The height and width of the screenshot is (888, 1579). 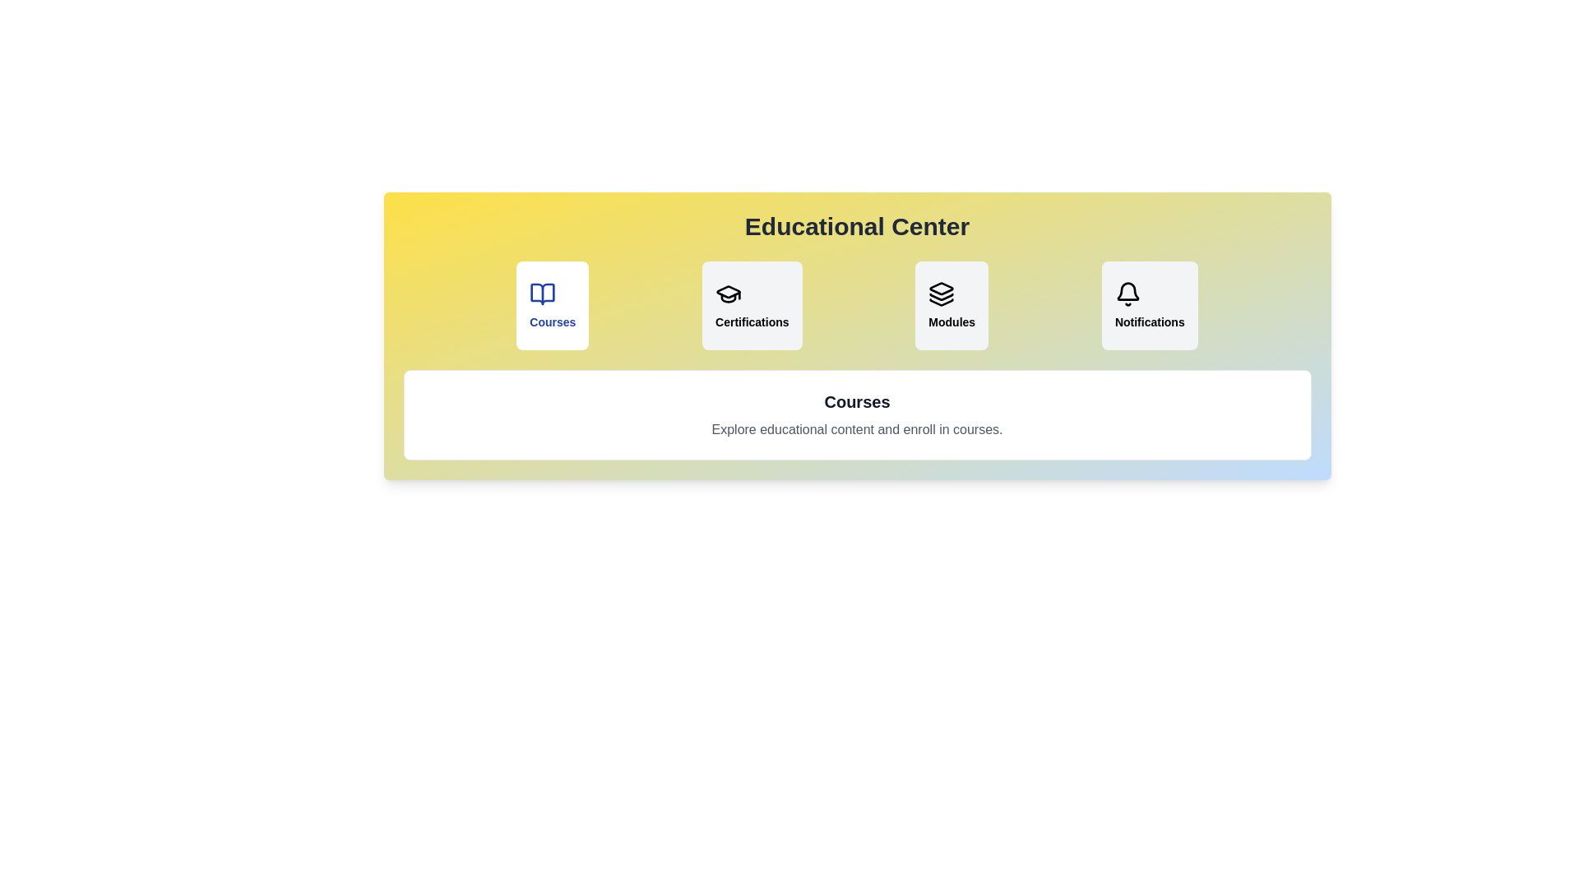 I want to click on the tab labeled 'Modules' to observe the hover effect, so click(x=952, y=305).